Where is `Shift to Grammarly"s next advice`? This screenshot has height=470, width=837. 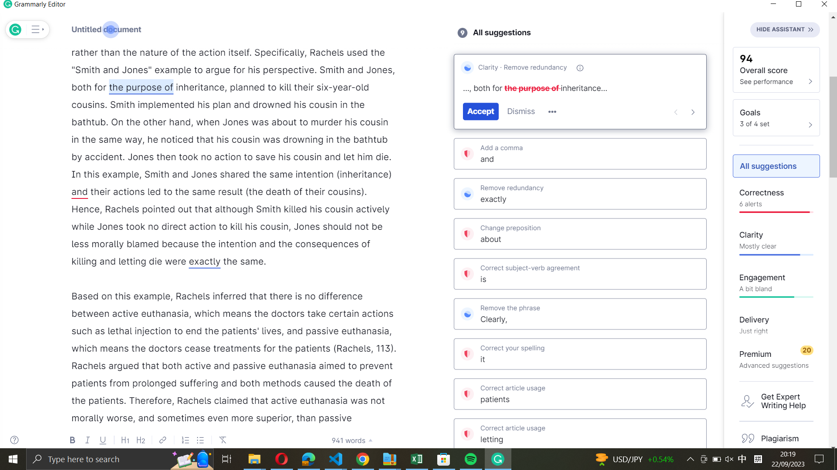 Shift to Grammarly"s next advice is located at coordinates (693, 111).